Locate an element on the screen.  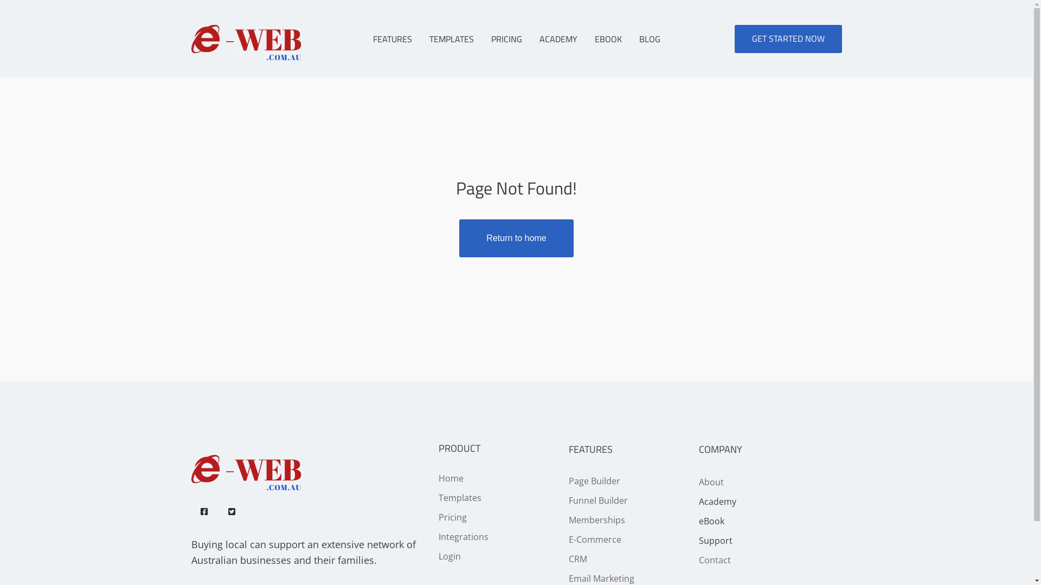
'Memberships' is located at coordinates (595, 519).